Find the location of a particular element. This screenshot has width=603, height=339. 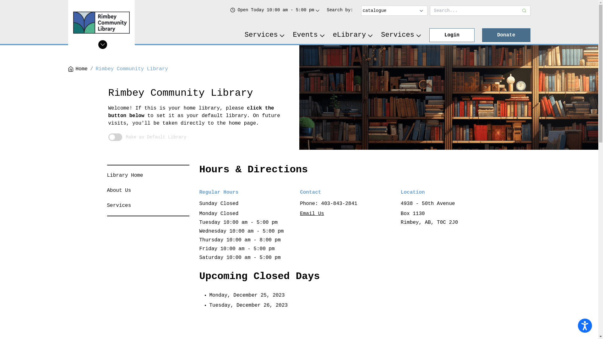

'eLibrary' is located at coordinates (353, 35).